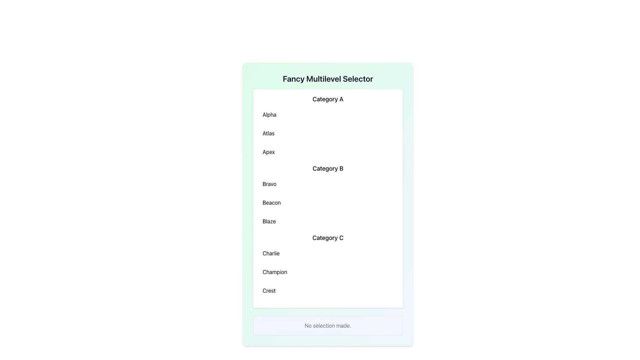  What do you see at coordinates (269, 290) in the screenshot?
I see `the text label located at the bottom of the 'Category C' group in the list` at bounding box center [269, 290].